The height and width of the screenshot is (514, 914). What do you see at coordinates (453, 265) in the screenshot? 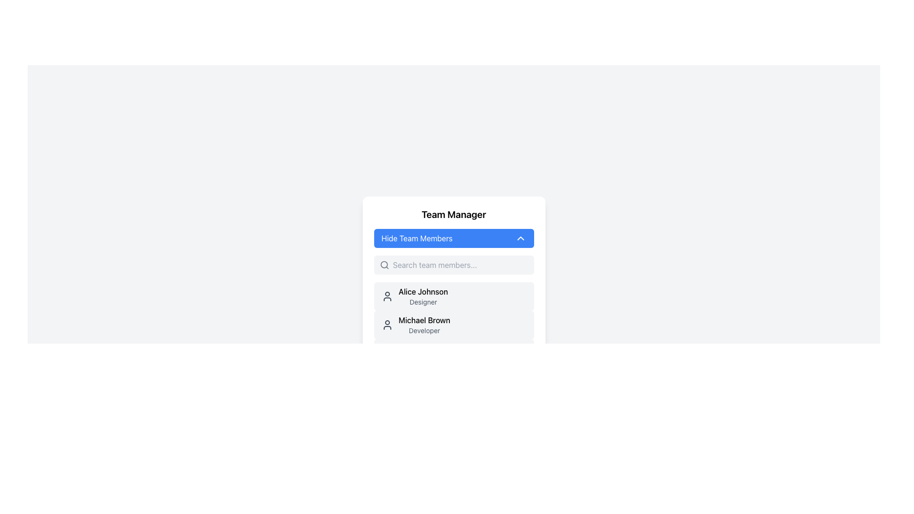
I see `the search bar with a light gray background and a magnifying glass icon, located below the 'Hide Team Members' button in the 'Team Manager' section` at bounding box center [453, 265].